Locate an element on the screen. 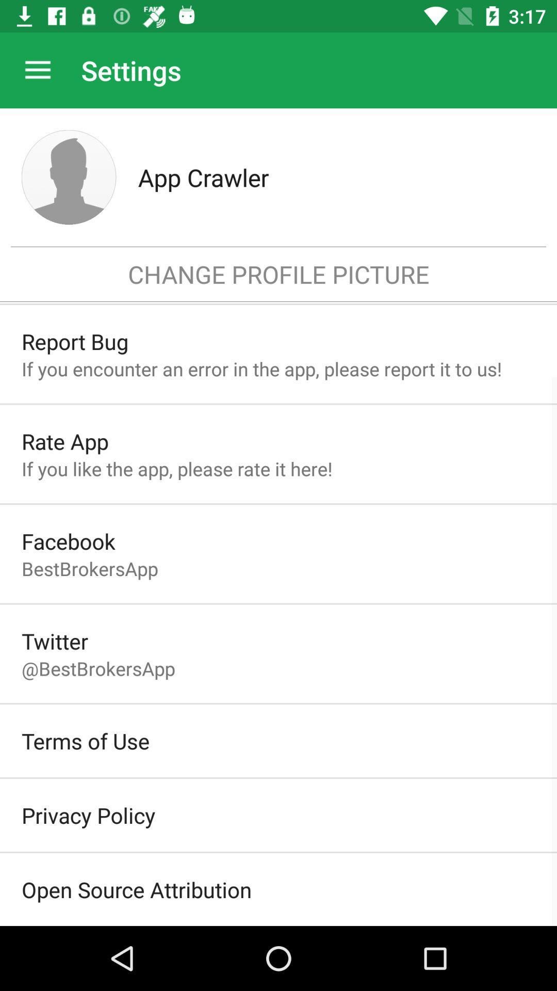 This screenshot has width=557, height=991. terms of use icon is located at coordinates (85, 740).